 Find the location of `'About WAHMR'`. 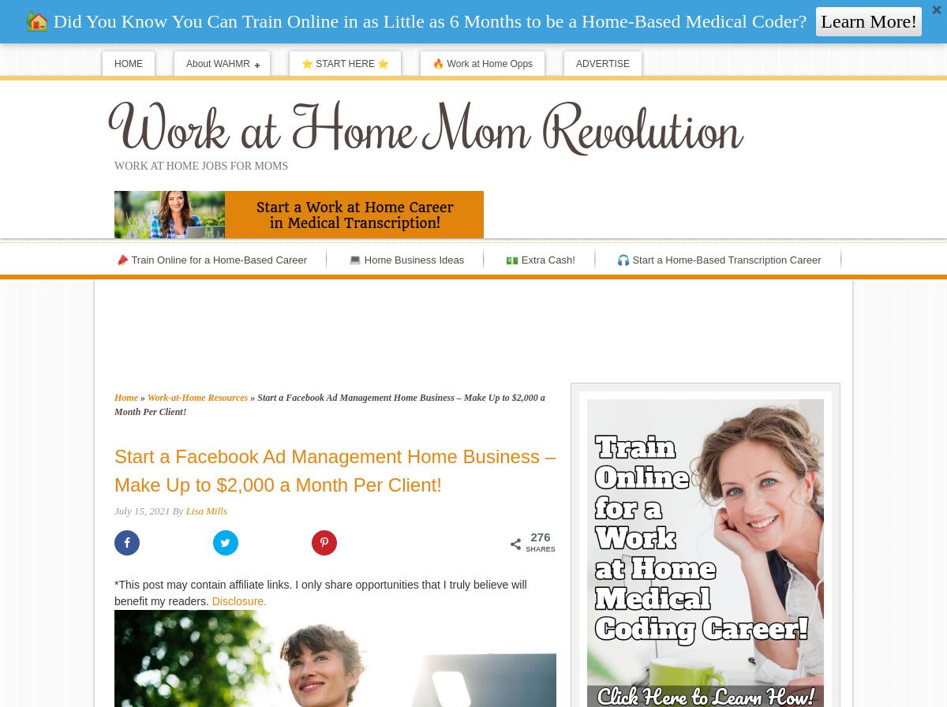

'About WAHMR' is located at coordinates (217, 63).